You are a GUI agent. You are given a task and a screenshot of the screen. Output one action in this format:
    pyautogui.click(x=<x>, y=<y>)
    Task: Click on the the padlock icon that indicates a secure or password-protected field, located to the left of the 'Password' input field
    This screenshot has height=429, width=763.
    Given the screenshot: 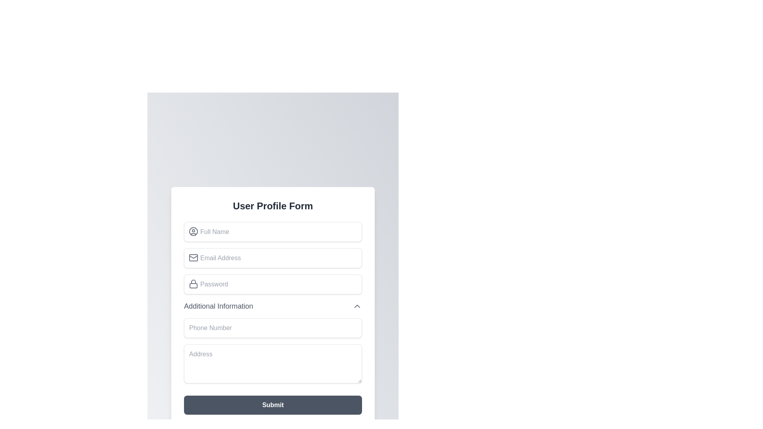 What is the action you would take?
    pyautogui.click(x=193, y=285)
    